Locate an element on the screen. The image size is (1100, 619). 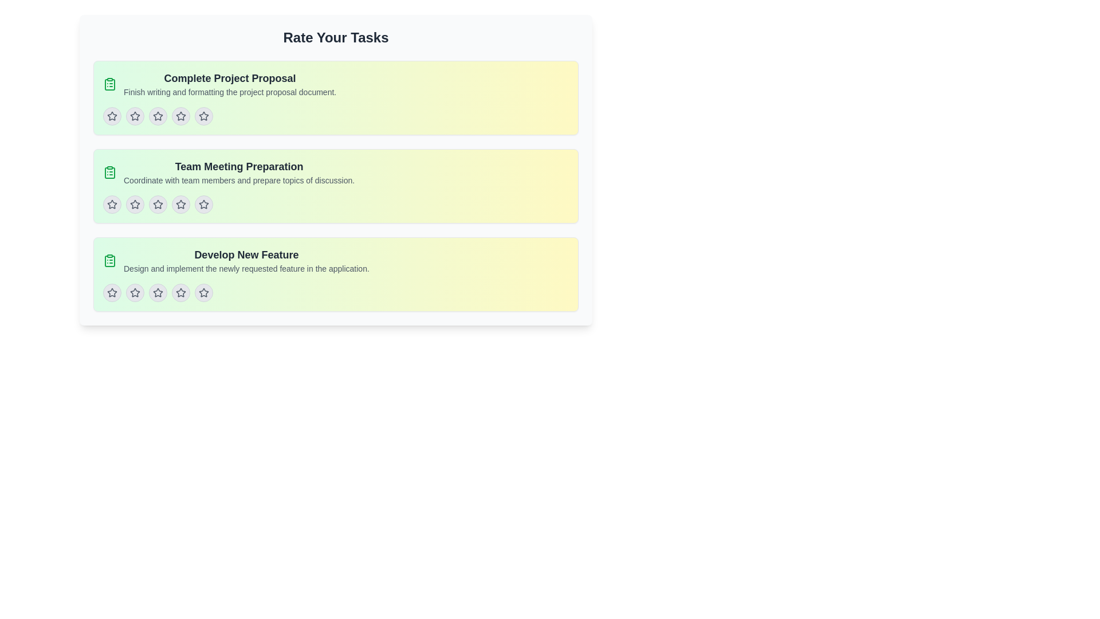
the descriptive text label that provides context for the task 'Team Meeting Preparation', located directly below the title in the middle section of the interface is located at coordinates (238, 181).